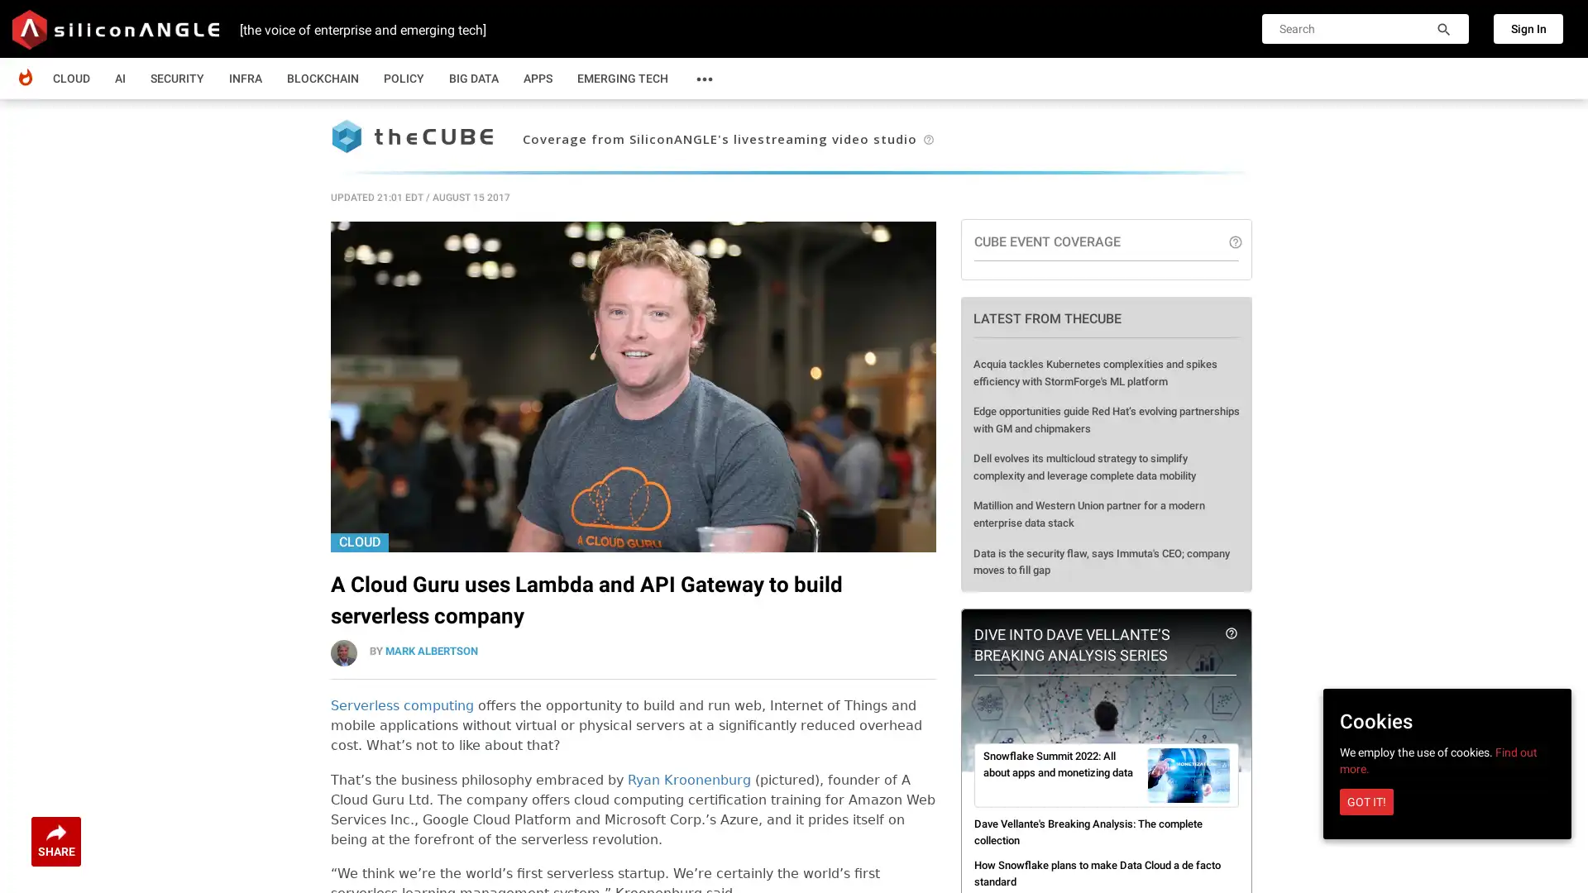 The image size is (1588, 893). What do you see at coordinates (1366, 800) in the screenshot?
I see `GOT IT!` at bounding box center [1366, 800].